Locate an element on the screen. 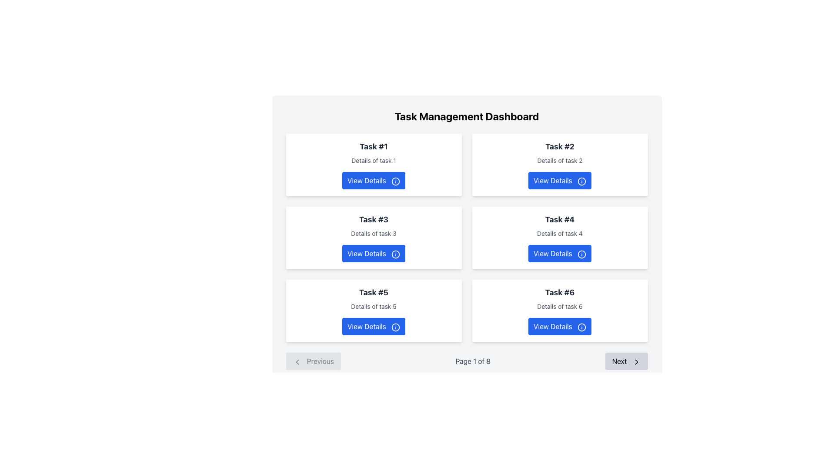 The height and width of the screenshot is (469, 835). the text label that provides a brief description for 'Task #1', located below the title and above the 'View Details' button is located at coordinates (374, 161).